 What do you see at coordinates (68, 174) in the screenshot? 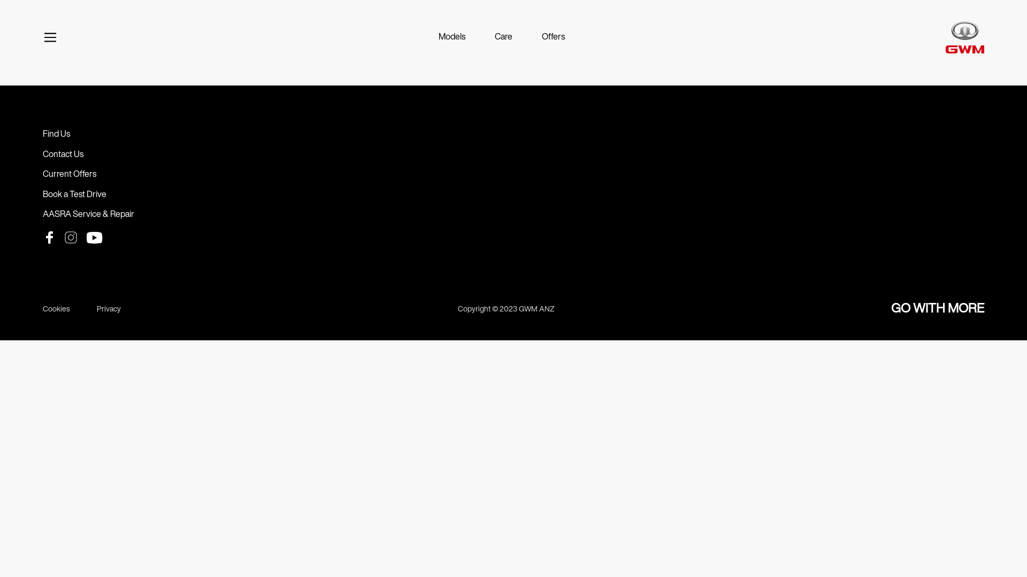
I see `'Current Offers'` at bounding box center [68, 174].